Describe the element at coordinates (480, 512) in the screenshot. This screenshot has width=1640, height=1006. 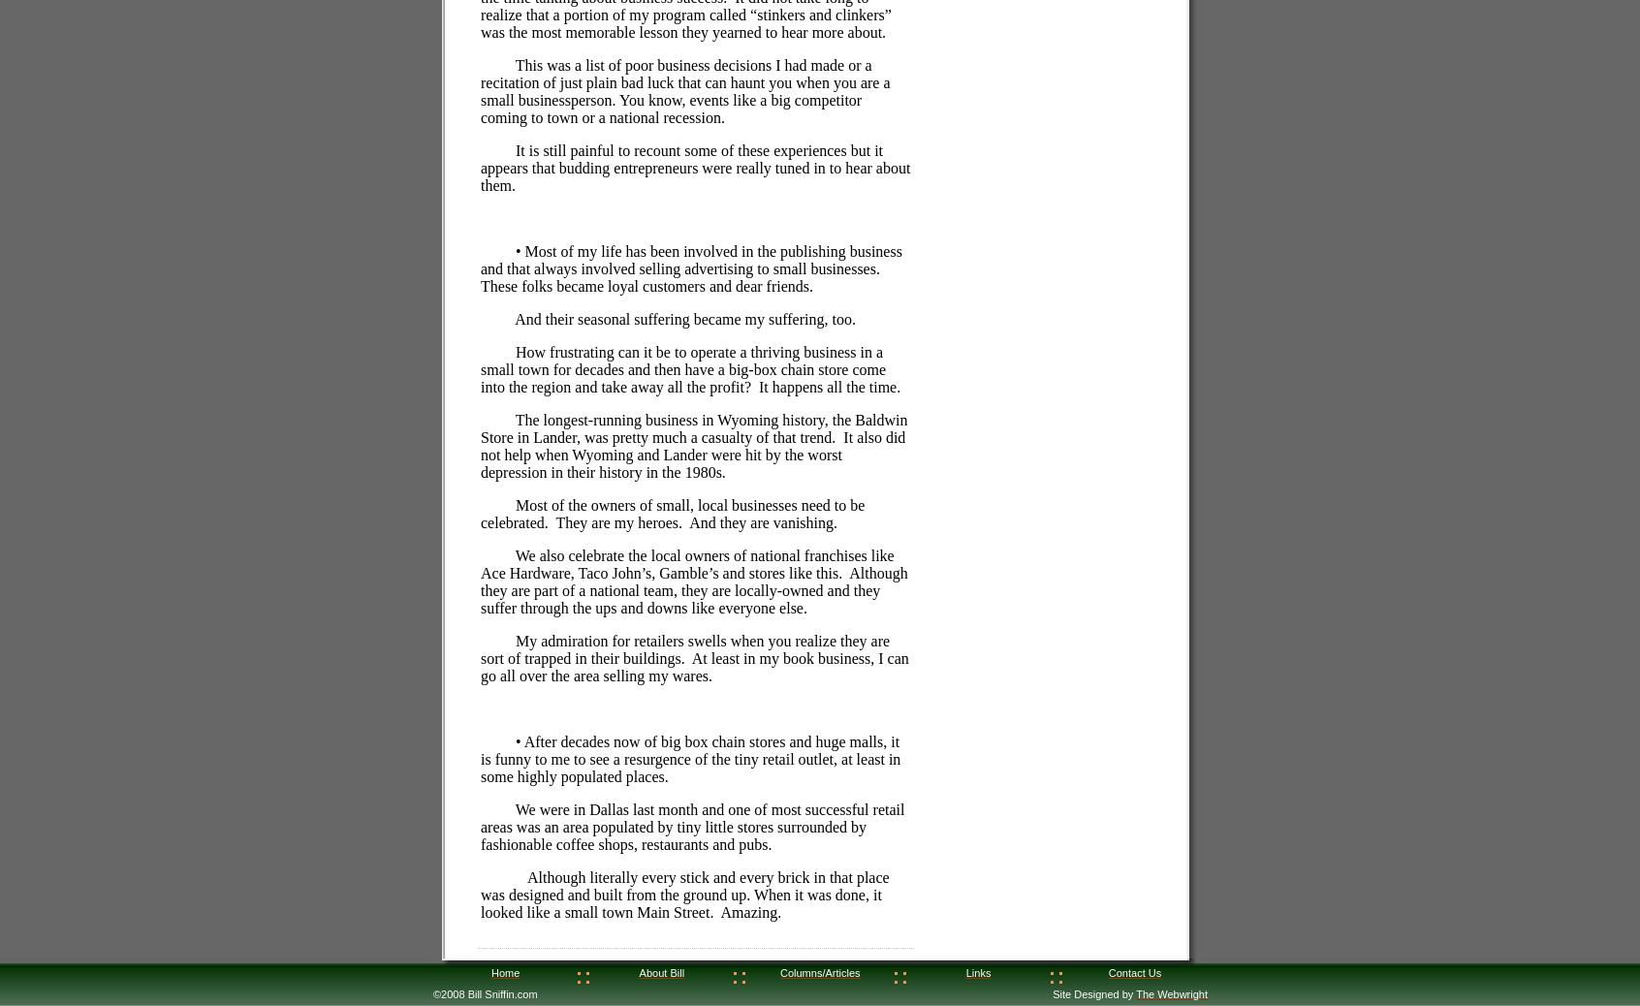
I see `'Most of the
owners of small, local businesses need to be celebrated.'` at that location.